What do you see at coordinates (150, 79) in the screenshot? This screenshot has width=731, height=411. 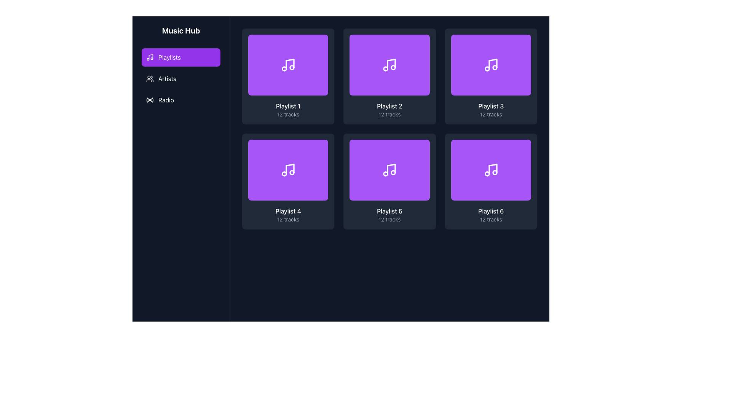 I see `the 'Artists' menu item icon located in the left vertical navigation bar, which is positioned next to the text 'Artists' and between the 'Playlists' and 'Radio' menu items` at bounding box center [150, 79].